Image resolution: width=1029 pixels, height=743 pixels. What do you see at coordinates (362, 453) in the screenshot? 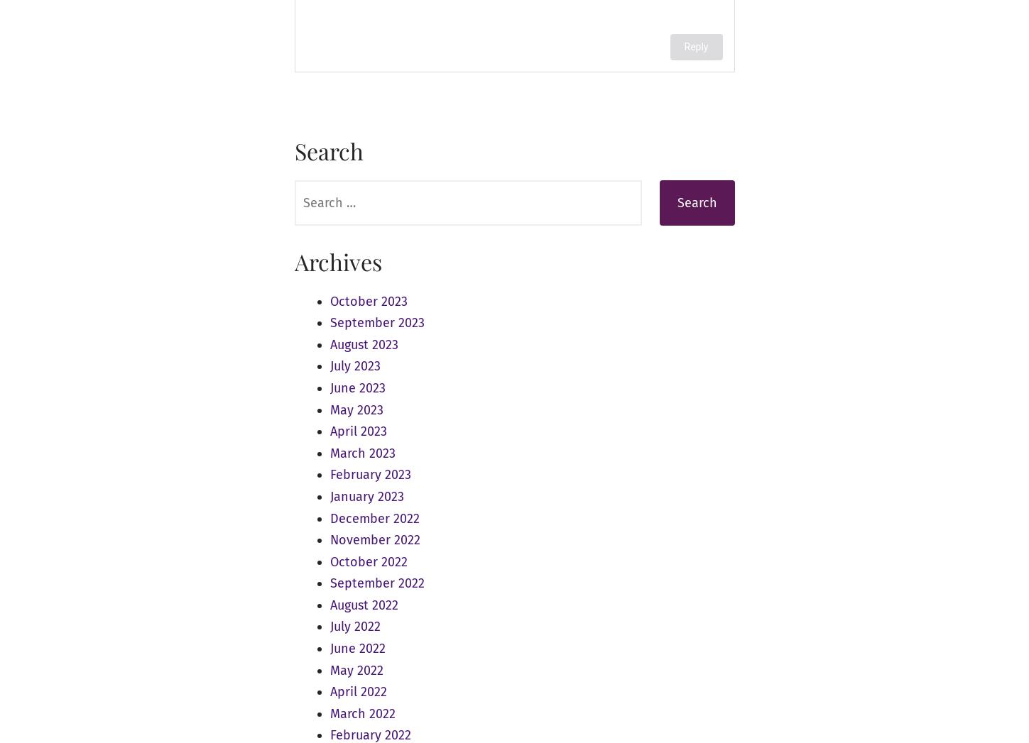
I see `'March 2023'` at bounding box center [362, 453].